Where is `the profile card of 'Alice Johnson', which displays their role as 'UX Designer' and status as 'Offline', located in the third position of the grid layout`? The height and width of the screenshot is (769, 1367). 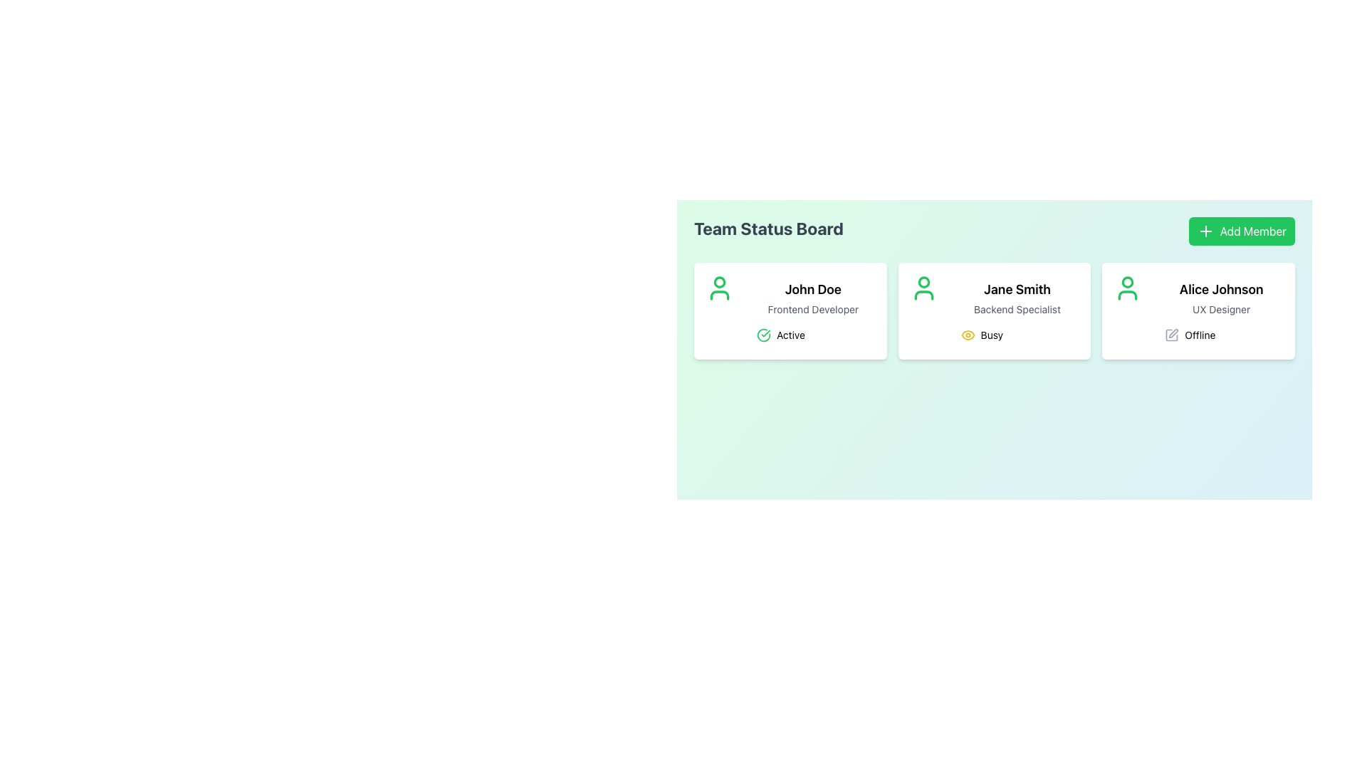 the profile card of 'Alice Johnson', which displays their role as 'UX Designer' and status as 'Offline', located in the third position of the grid layout is located at coordinates (1198, 310).